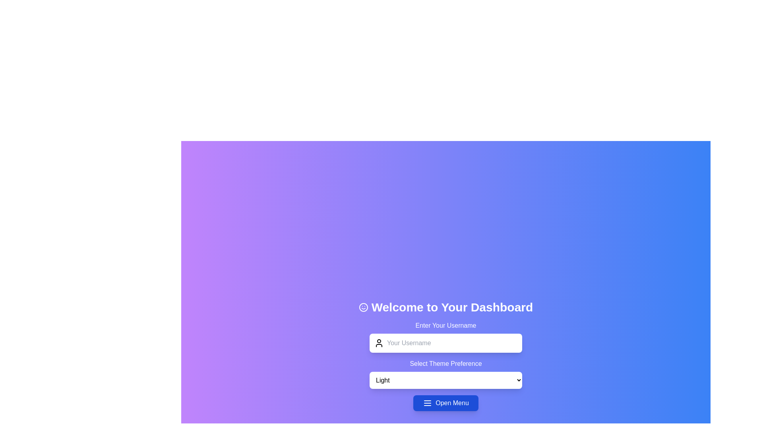  What do you see at coordinates (379, 342) in the screenshot?
I see `the user icon, which is a circular head and rectangular torso outline styled with a black stroke line on a white background, located to the left of the 'Your Username' text input field` at bounding box center [379, 342].